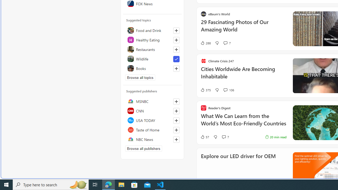  Describe the element at coordinates (176, 139) in the screenshot. I see `'Follow this source'` at that location.